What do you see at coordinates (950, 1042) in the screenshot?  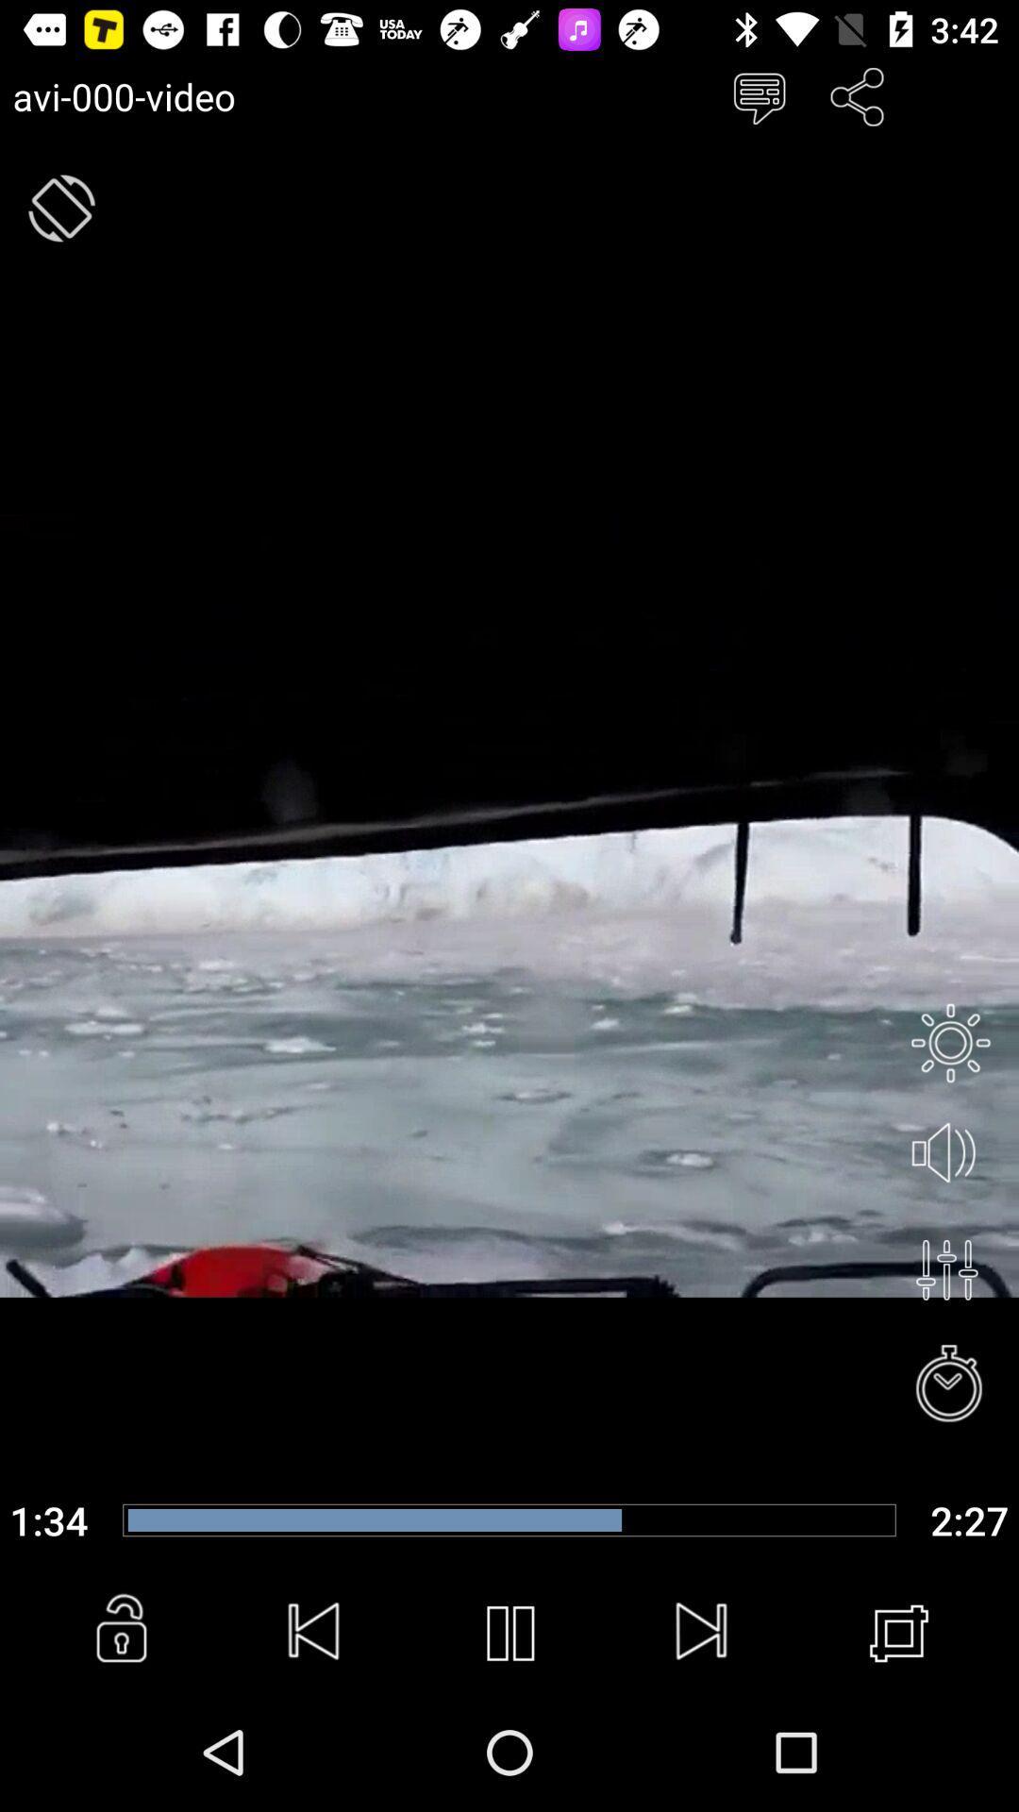 I see `setting and privacy` at bounding box center [950, 1042].